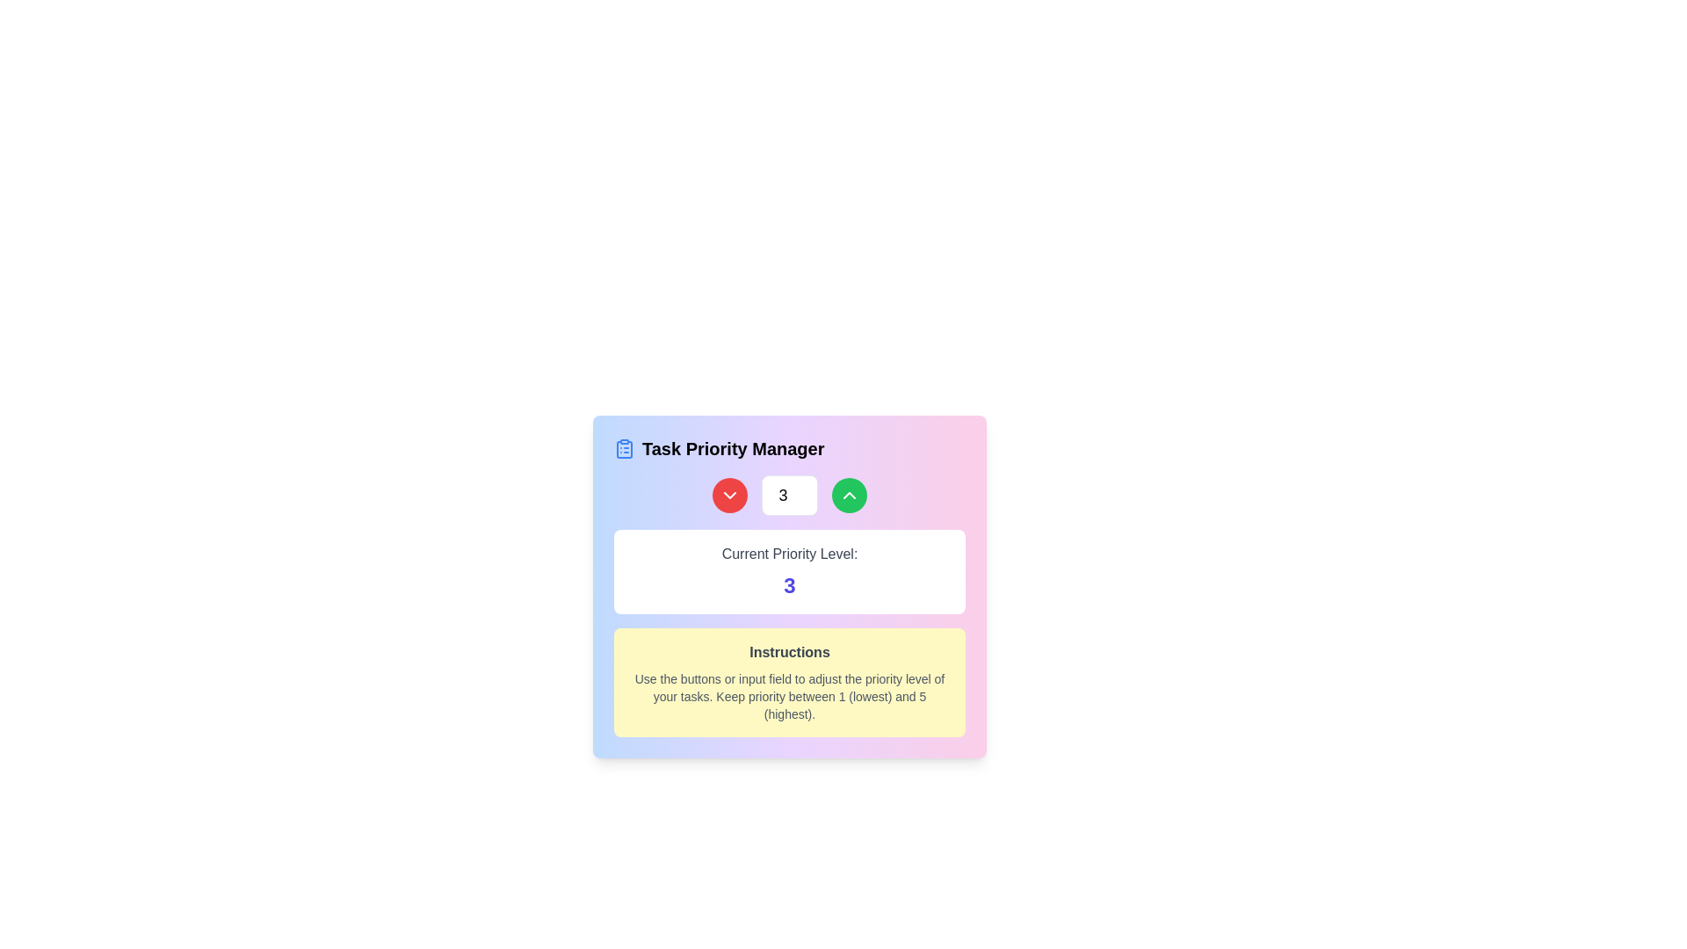  I want to click on the green circular button with an upward-facing chevron icon in the top row of the interface, so click(849, 495).